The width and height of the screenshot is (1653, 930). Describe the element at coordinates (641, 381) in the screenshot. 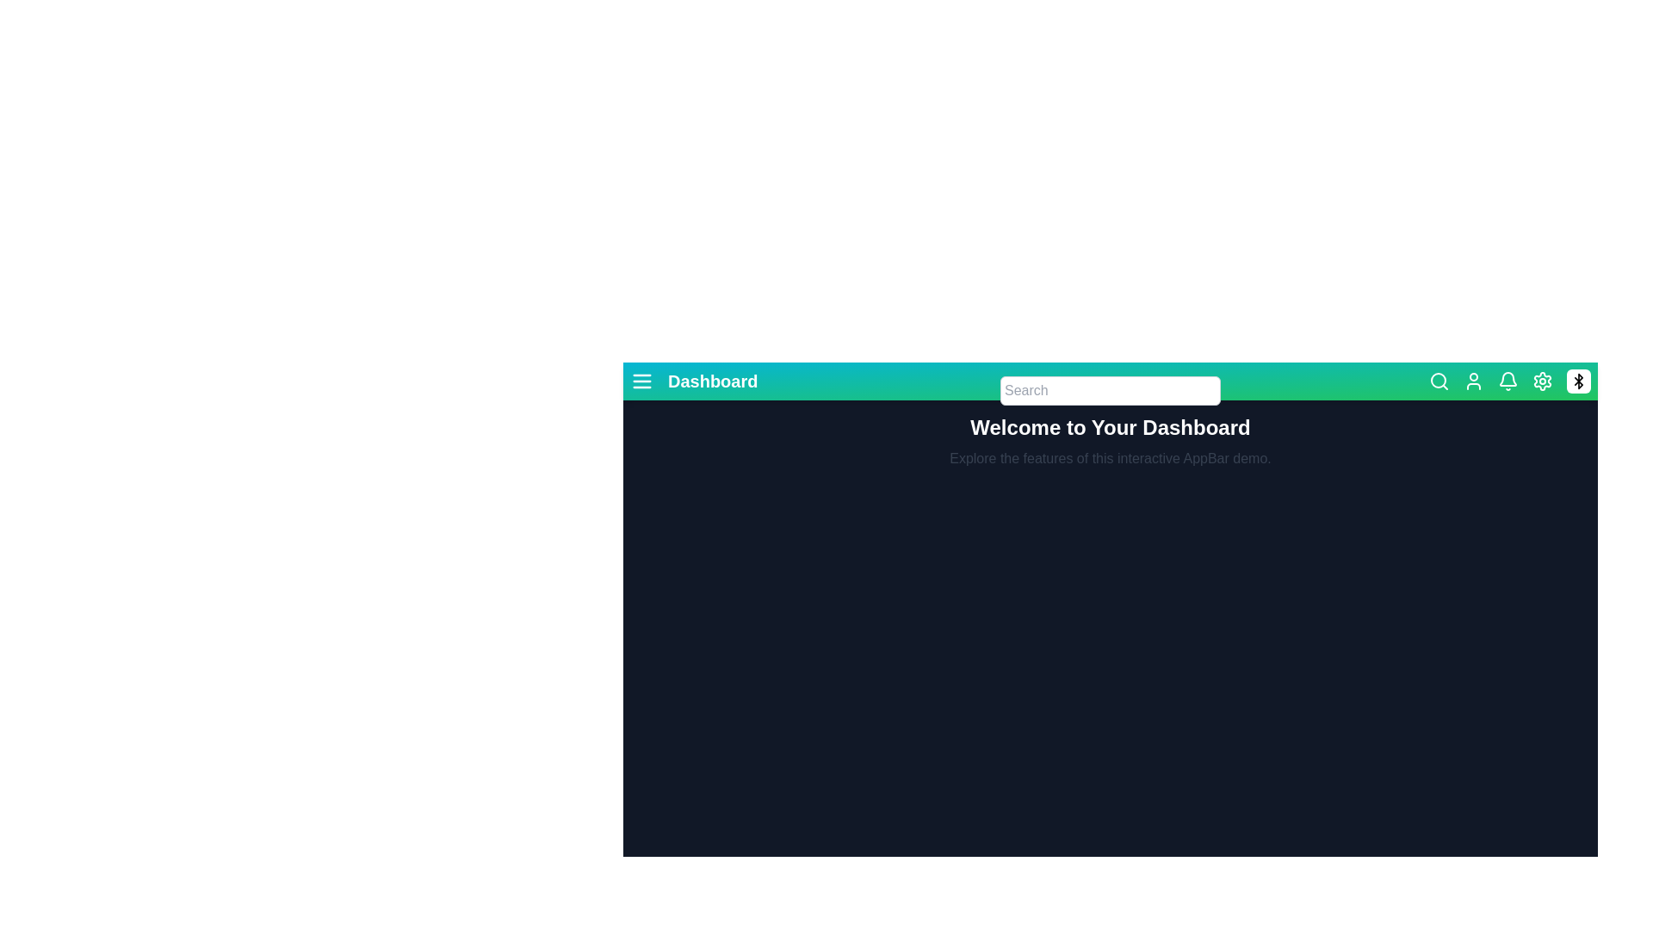

I see `the menu icon to toggle the menu visibility` at that location.